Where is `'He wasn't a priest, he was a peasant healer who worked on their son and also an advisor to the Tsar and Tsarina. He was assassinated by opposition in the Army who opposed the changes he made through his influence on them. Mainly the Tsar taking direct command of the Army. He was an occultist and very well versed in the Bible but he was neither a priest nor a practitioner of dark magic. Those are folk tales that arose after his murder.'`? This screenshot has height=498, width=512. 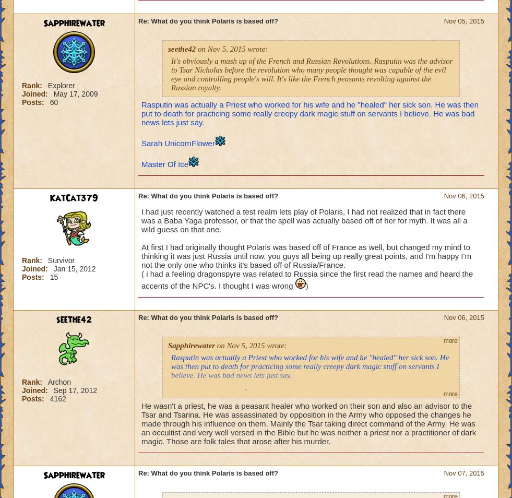
'He wasn't a priest, he was a peasant healer who worked on their son and also an advisor to the Tsar and Tsarina. He was assassinated by opposition in the Army who opposed the changes he made through his influence on them. Mainly the Tsar taking direct command of the Army. He was an occultist and very well versed in the Bible but he was neither a priest nor a practitioner of dark magic. Those are folk tales that arose after his murder.' is located at coordinates (308, 423).